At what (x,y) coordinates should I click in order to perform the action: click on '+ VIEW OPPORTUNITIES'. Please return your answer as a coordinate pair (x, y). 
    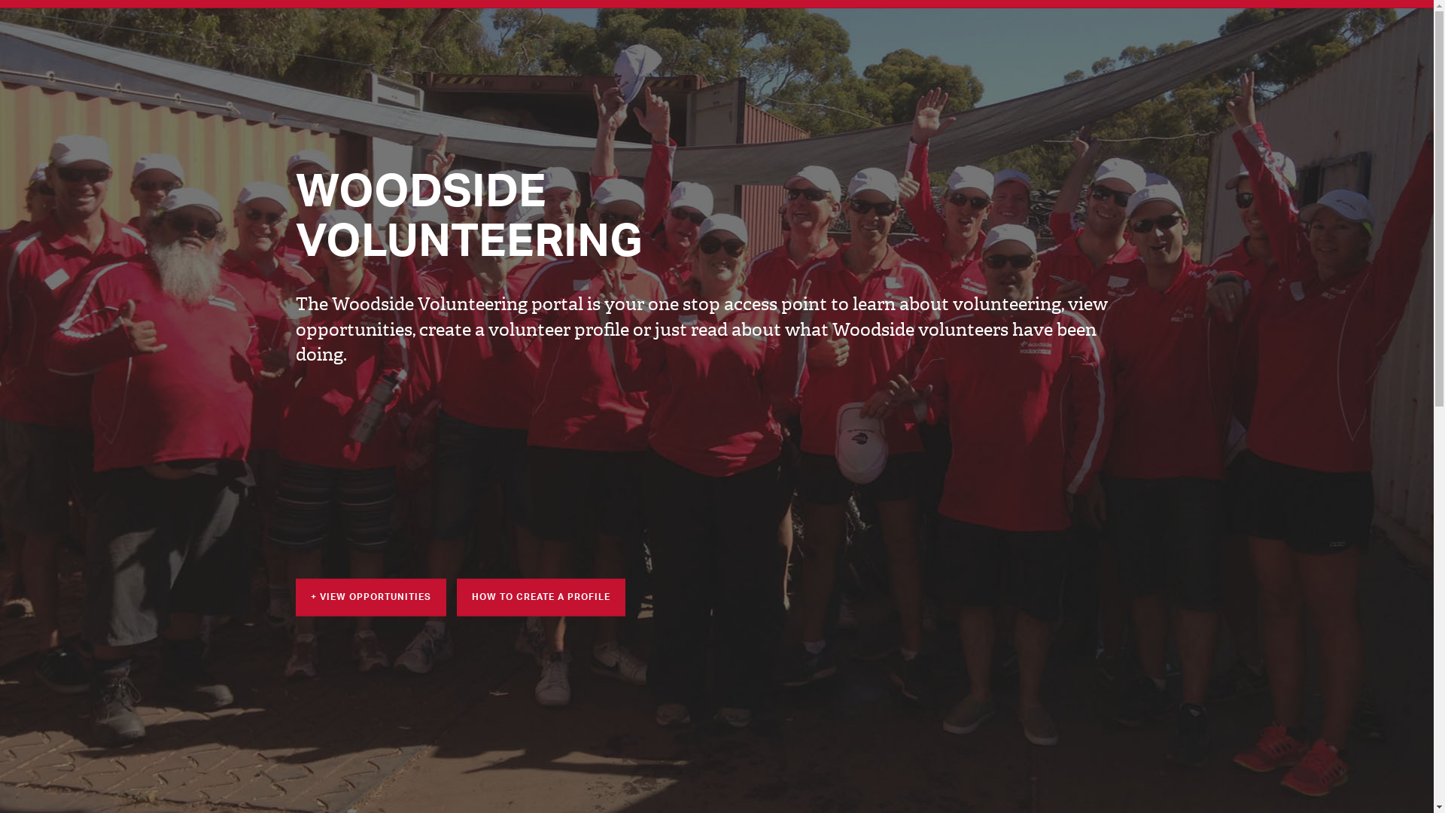
    Looking at the image, I should click on (370, 596).